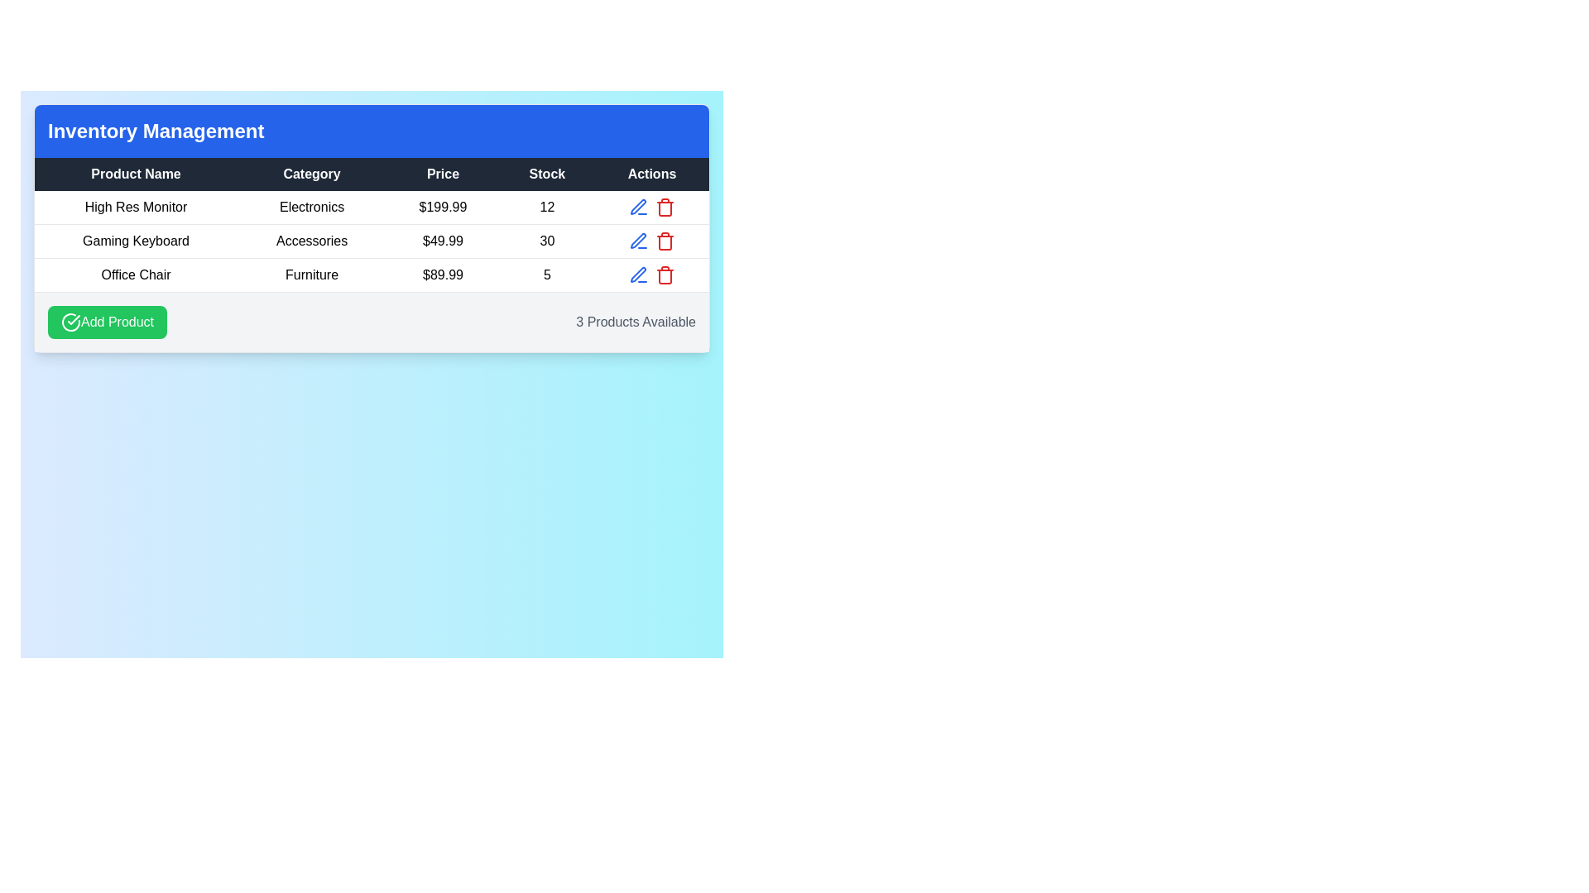 The height and width of the screenshot is (893, 1589). I want to click on the edit icon button located in the 'Actions' column of the second row of the visible table, which is positioned directly to the left of the red trash bin icon, so click(637, 206).